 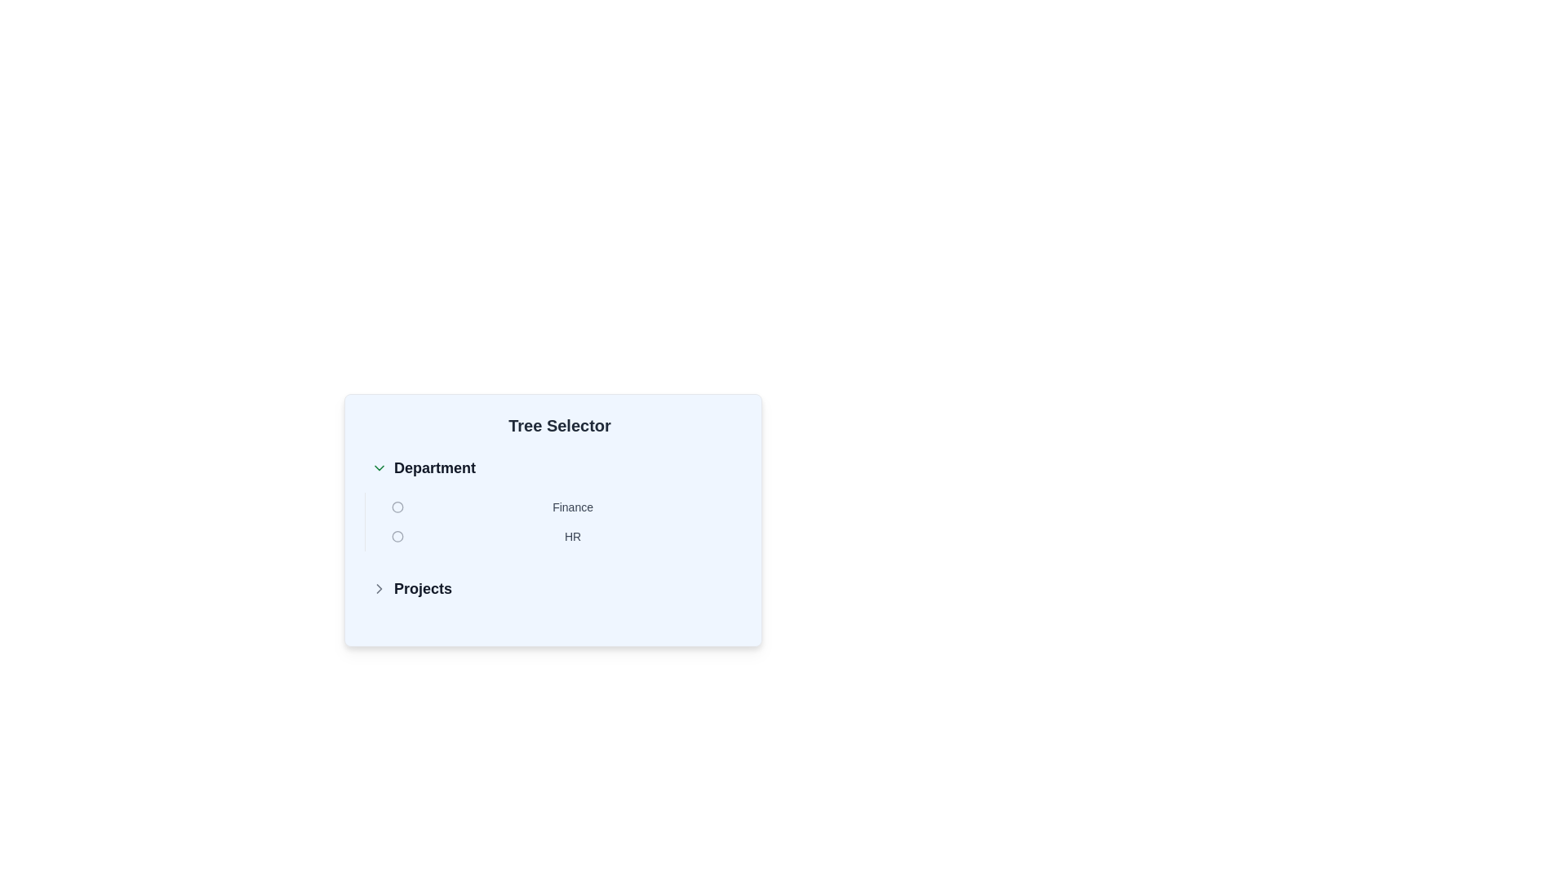 I want to click on text label 'HR' which is styled with a smaller font size and gray color, located under the 'Department' category in the tree selector interface, positioned second below 'Finance', so click(x=573, y=537).